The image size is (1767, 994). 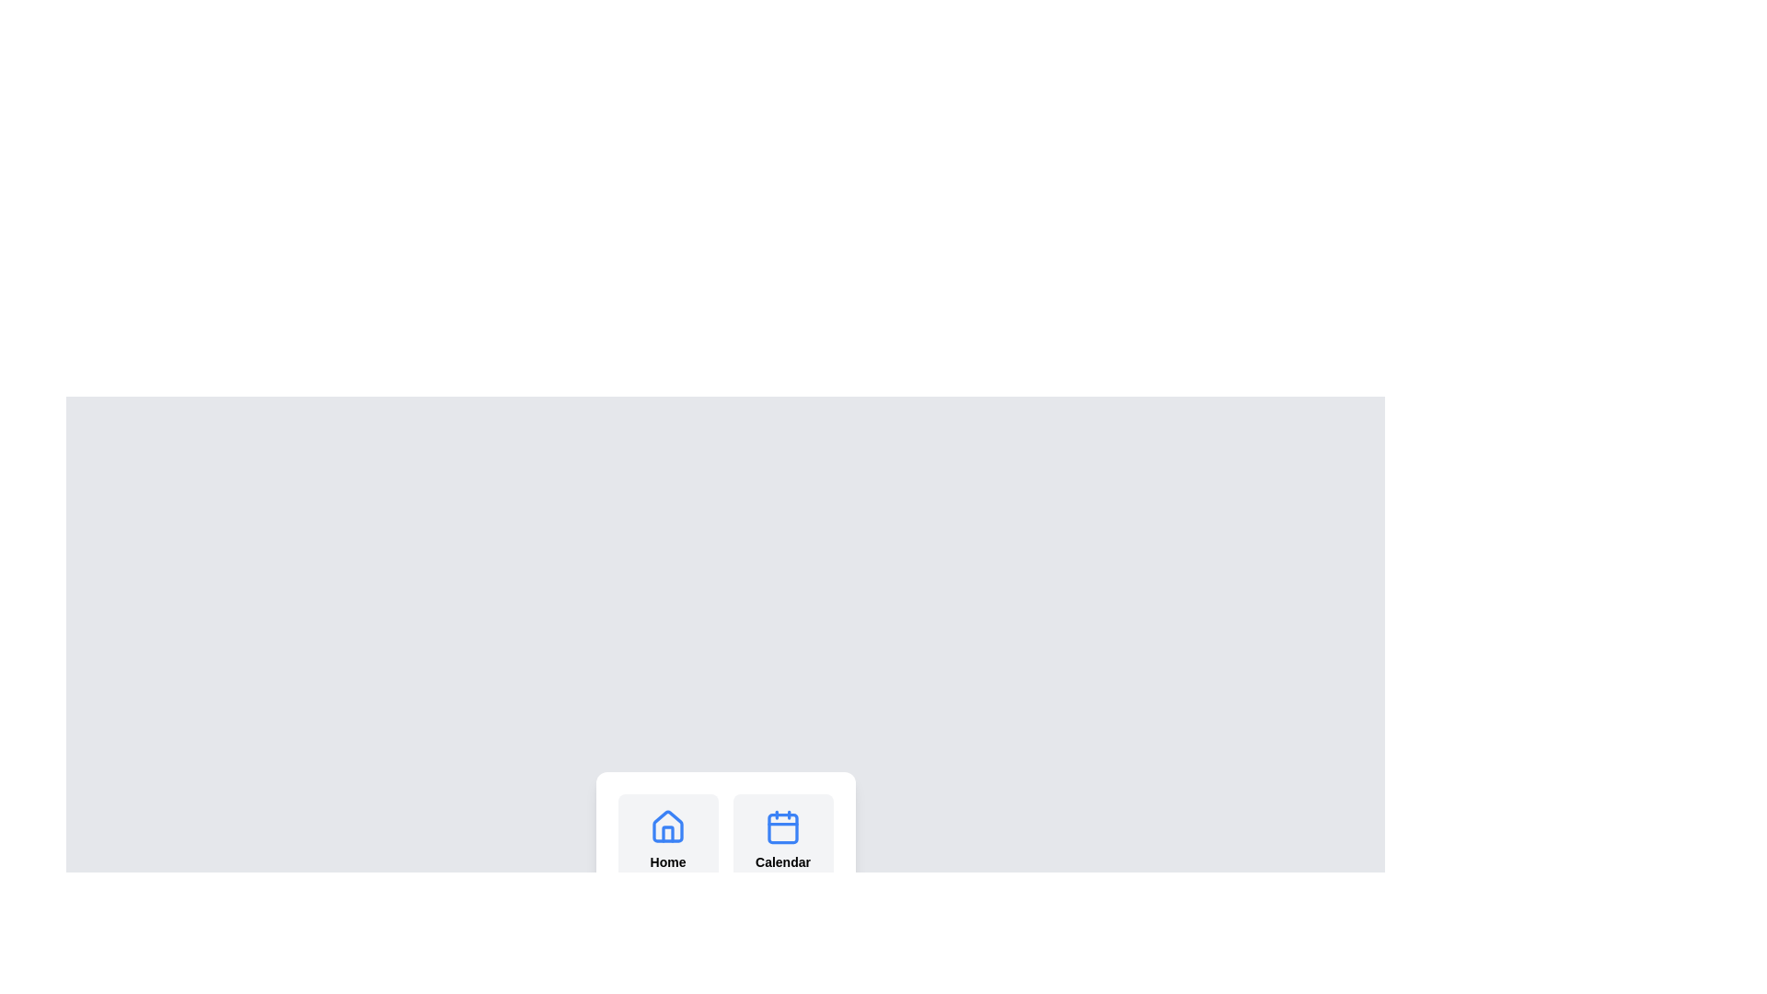 I want to click on the house icon located at the top of the 'Home' button, so click(x=666, y=826).